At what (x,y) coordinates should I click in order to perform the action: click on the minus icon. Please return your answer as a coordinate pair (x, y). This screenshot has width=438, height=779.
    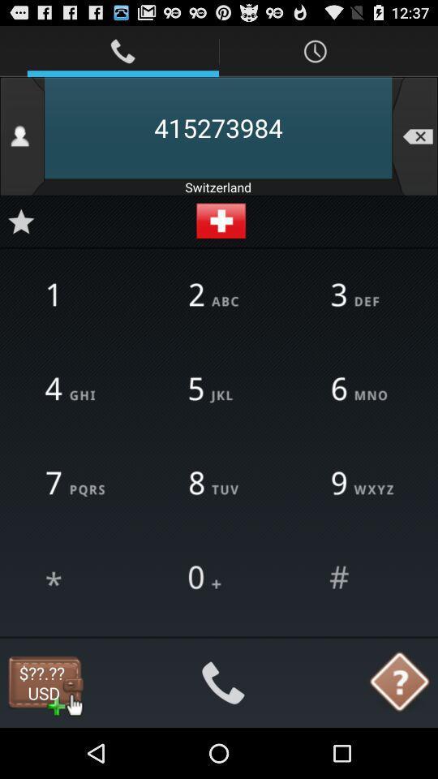
    Looking at the image, I should click on (414, 144).